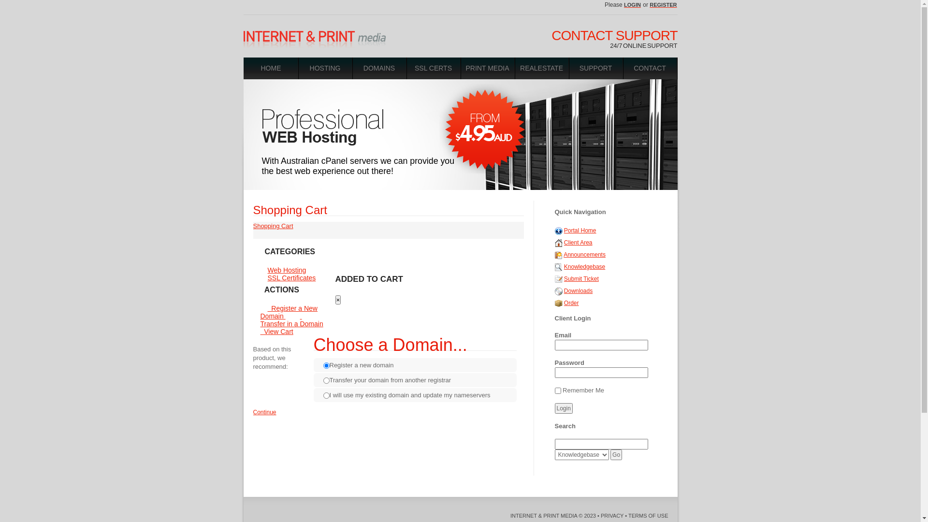 The height and width of the screenshot is (522, 928). What do you see at coordinates (559, 303) in the screenshot?
I see `'Order'` at bounding box center [559, 303].